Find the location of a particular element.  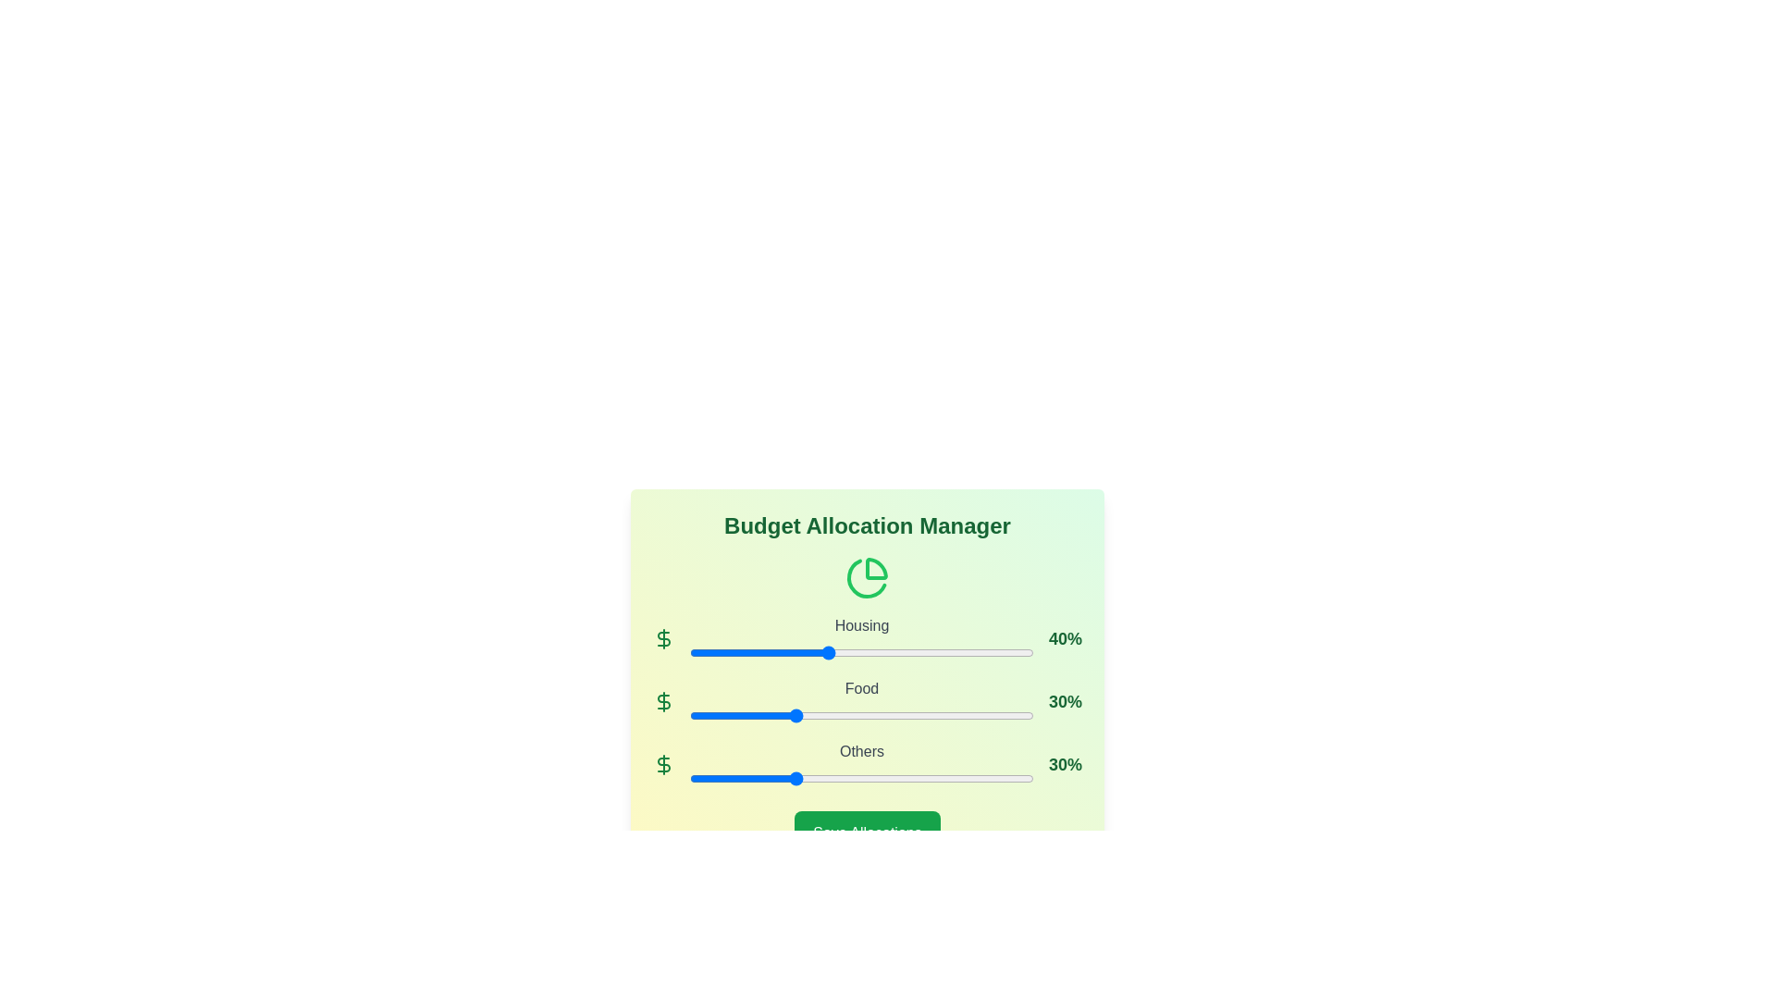

the Food allocation slider to 25% is located at coordinates (776, 715).